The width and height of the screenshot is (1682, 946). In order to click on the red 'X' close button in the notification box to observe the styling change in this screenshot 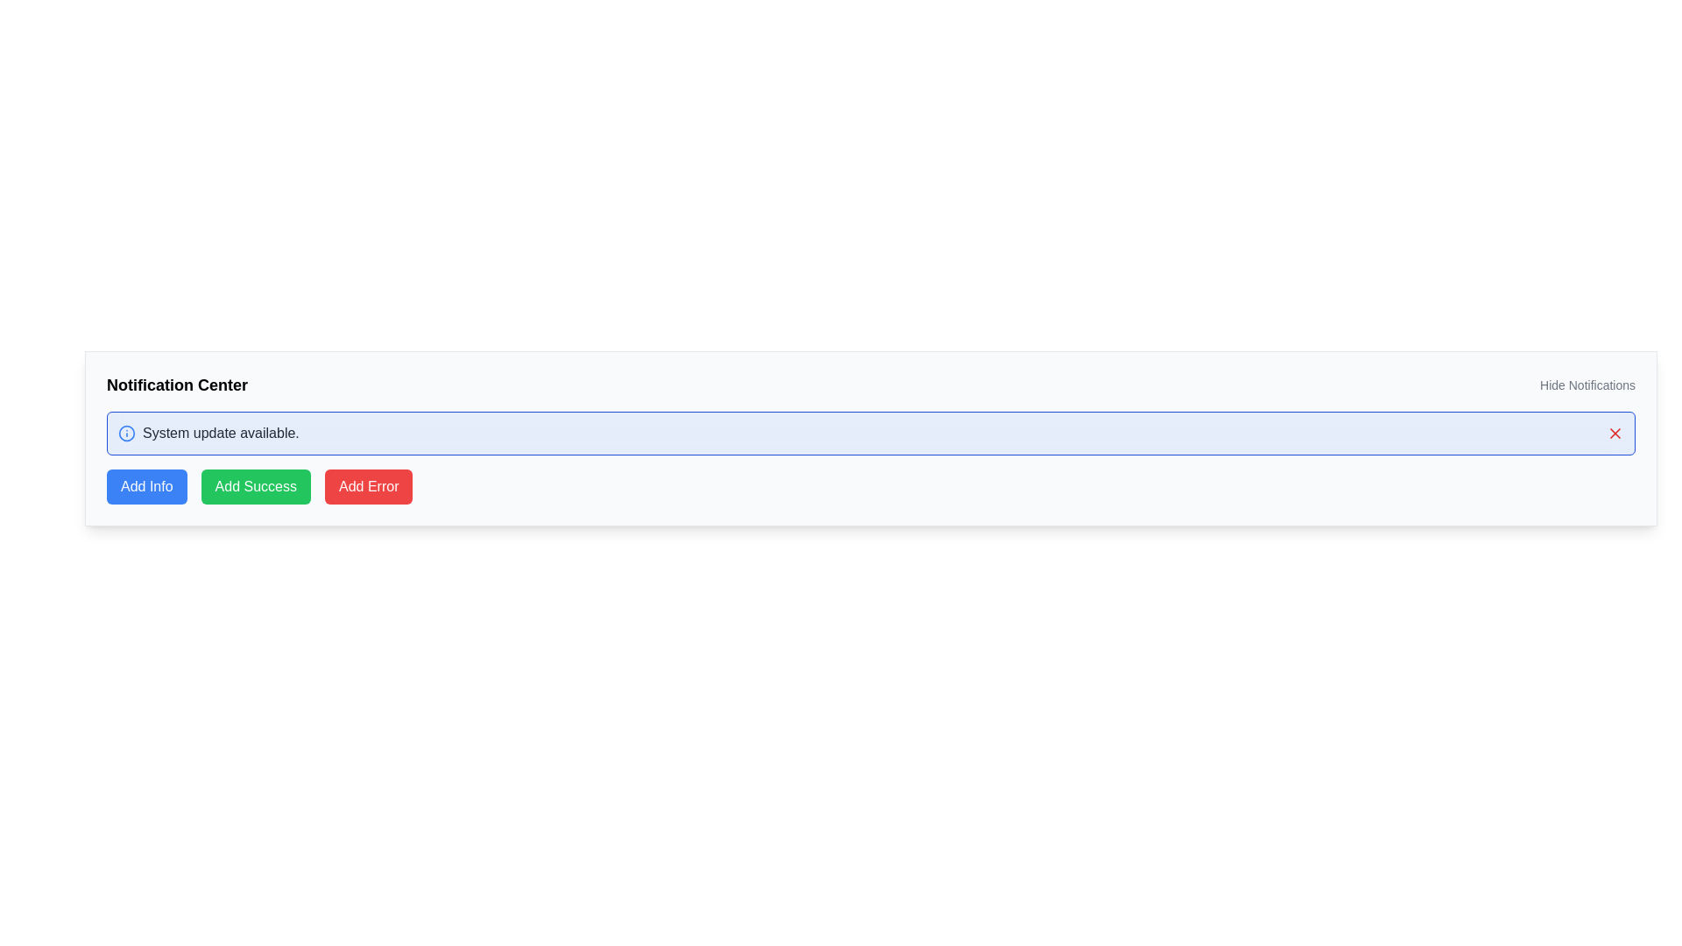, I will do `click(1614, 433)`.